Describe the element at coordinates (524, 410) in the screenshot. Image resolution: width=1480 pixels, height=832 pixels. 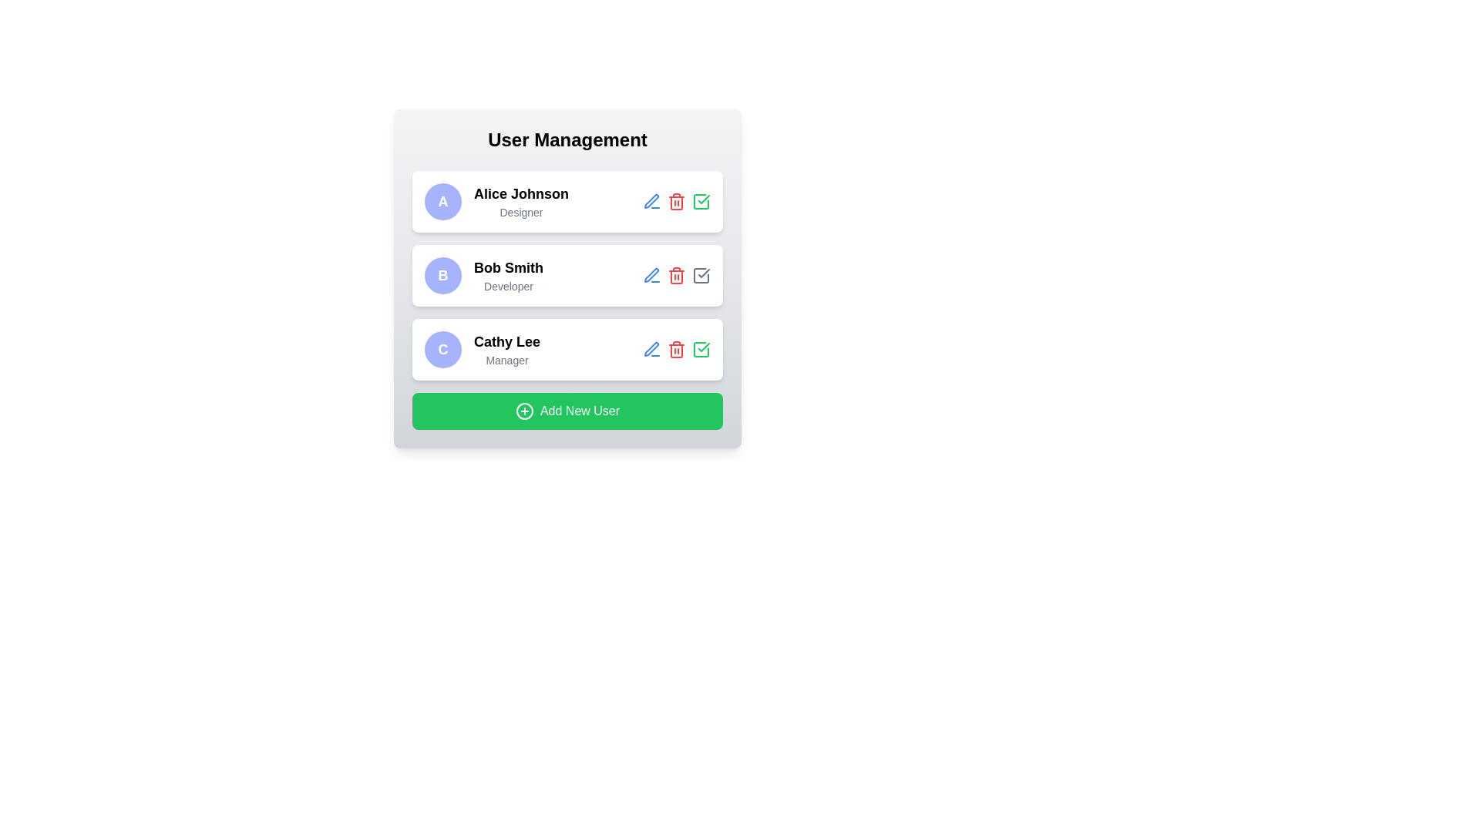
I see `the circular SVG element with a radius of '10' located at the center of the 'Add New User' button in the User Management interface` at that location.